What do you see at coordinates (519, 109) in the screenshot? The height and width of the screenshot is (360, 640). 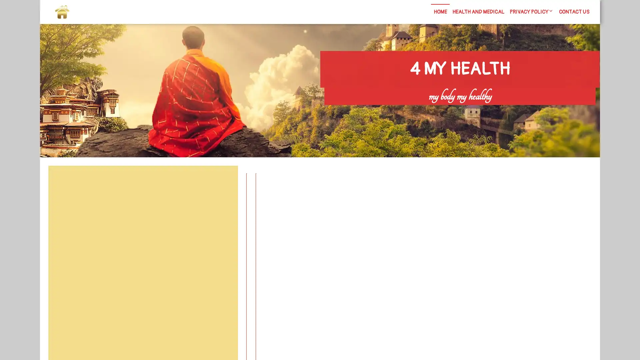 I see `Search` at bounding box center [519, 109].